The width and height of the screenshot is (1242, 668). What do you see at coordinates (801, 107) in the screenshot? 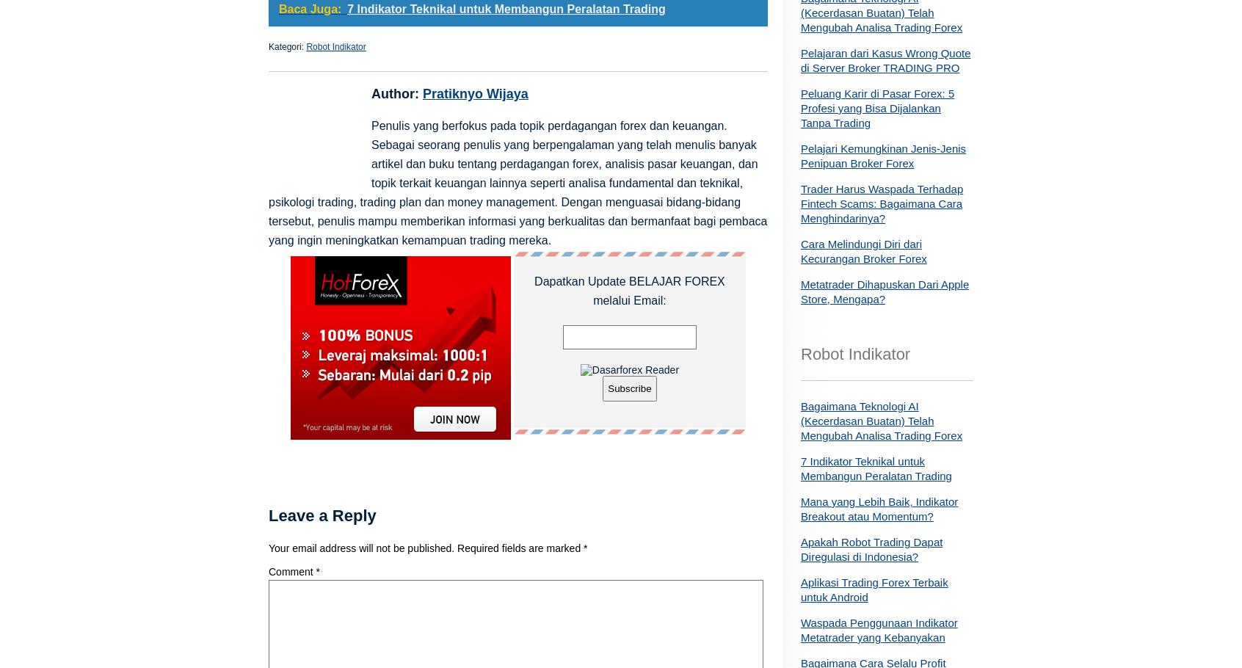
I see `'Peluang Karir di Pasar Forex: 5 Profesi yang Bisa Dijalankan Tanpa Trading'` at bounding box center [801, 107].